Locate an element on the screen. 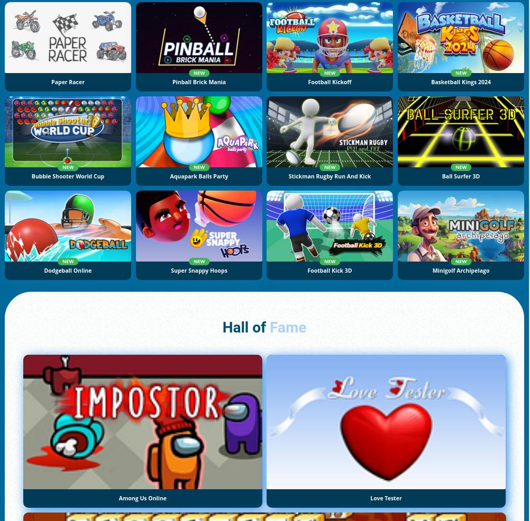 This screenshot has height=521, width=530. 'Fame' is located at coordinates (288, 327).